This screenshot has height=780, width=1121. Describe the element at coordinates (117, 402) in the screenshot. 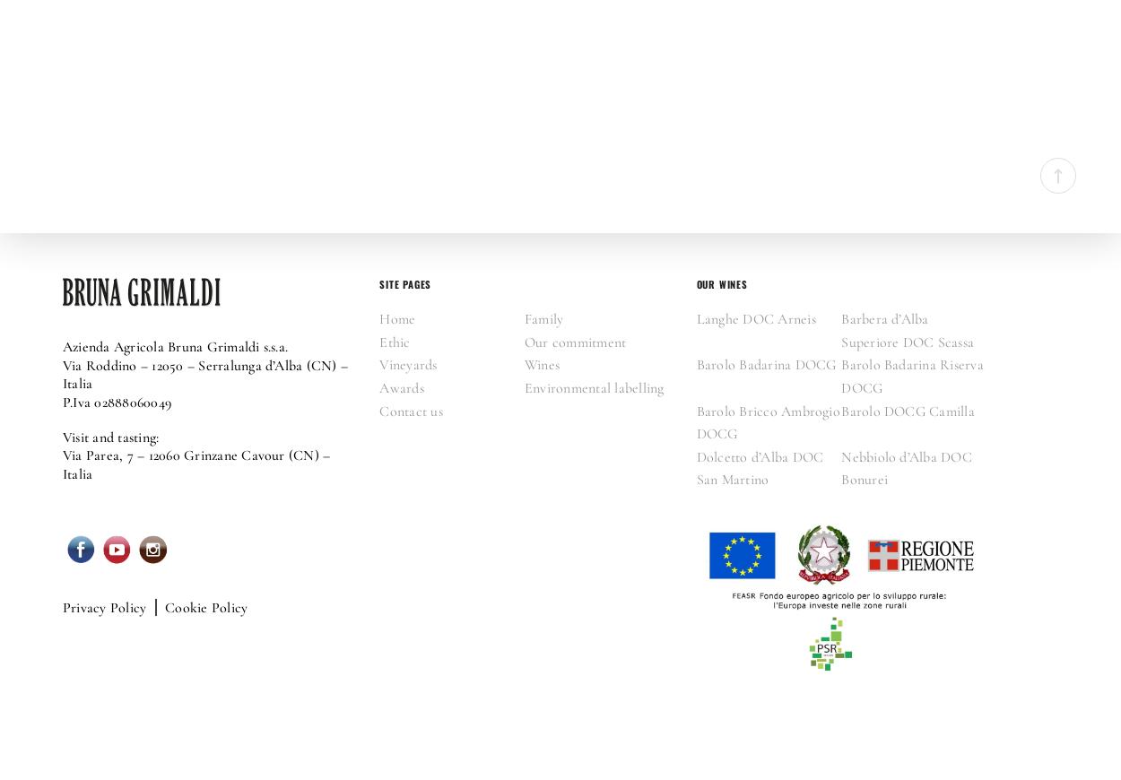

I see `'P.Iva 02888060049'` at that location.